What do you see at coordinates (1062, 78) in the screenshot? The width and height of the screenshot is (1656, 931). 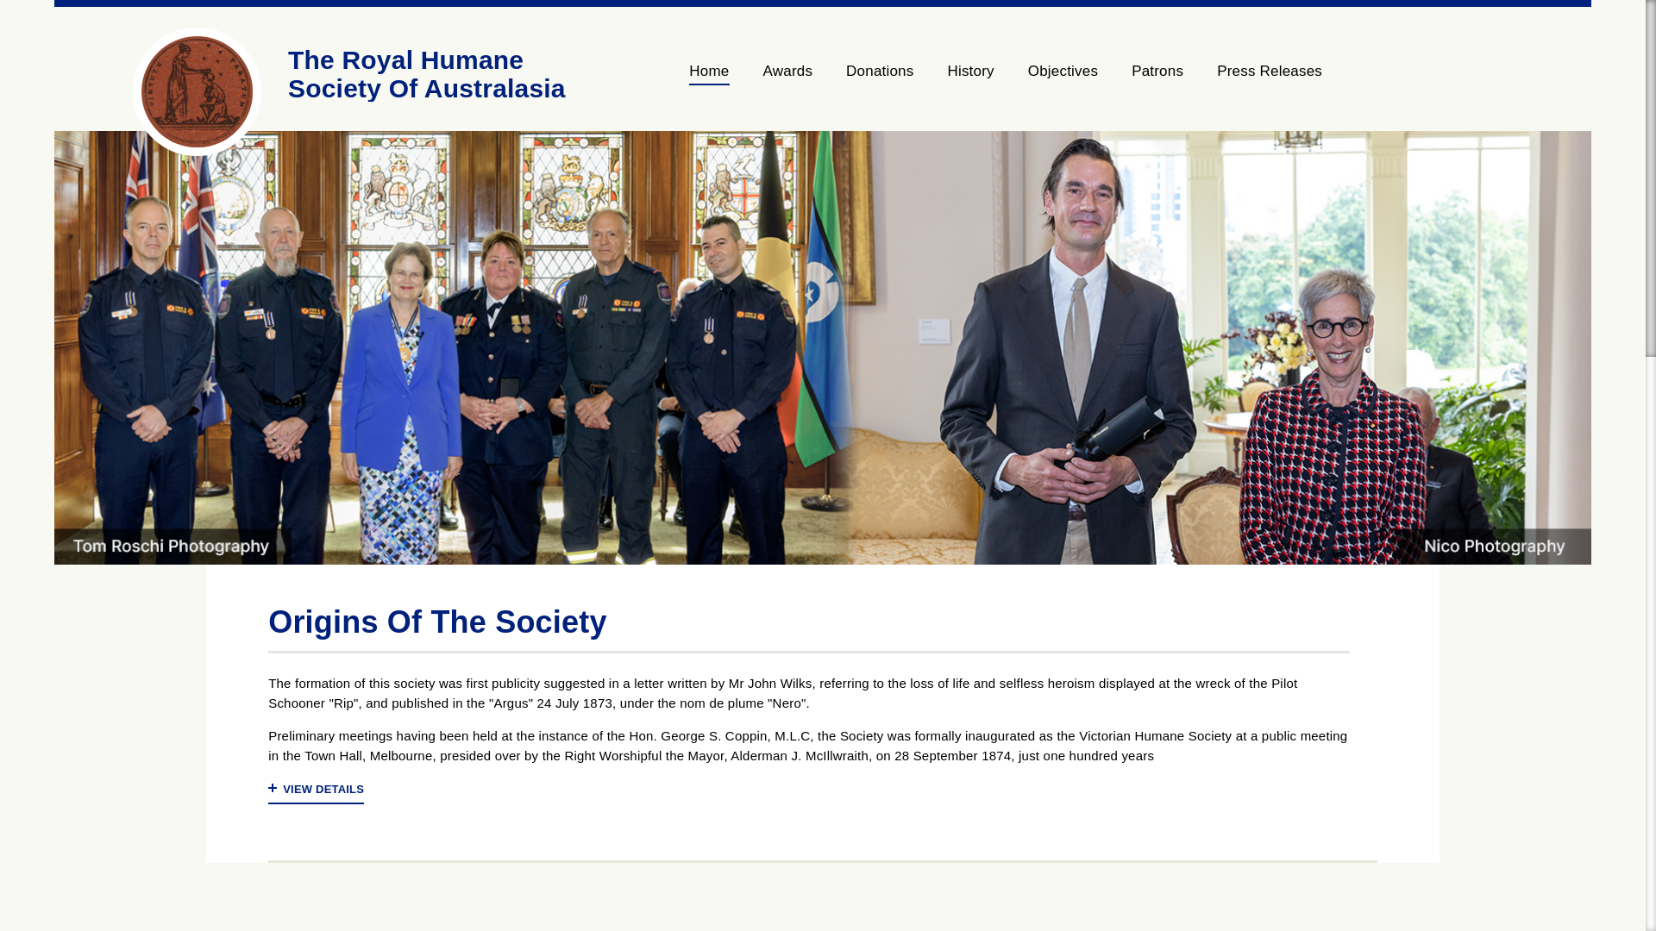 I see `'Objectives'` at bounding box center [1062, 78].